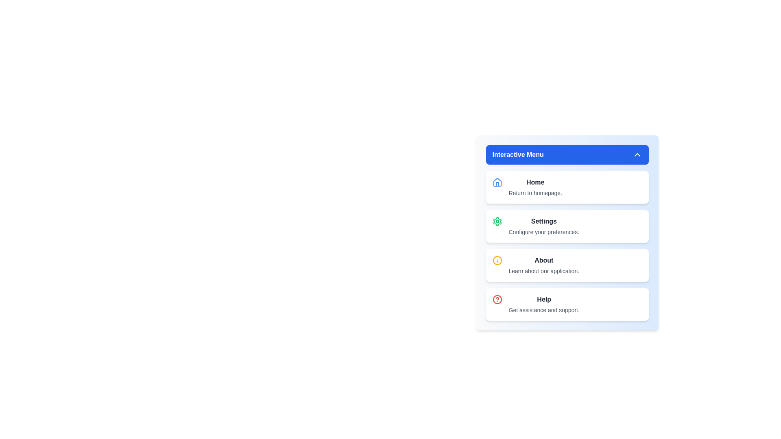  I want to click on the descriptive text label that guides users about the functionality of the 'Home' section, located directly below the bold text 'Home' in the first card of the interactive menu, so click(535, 193).